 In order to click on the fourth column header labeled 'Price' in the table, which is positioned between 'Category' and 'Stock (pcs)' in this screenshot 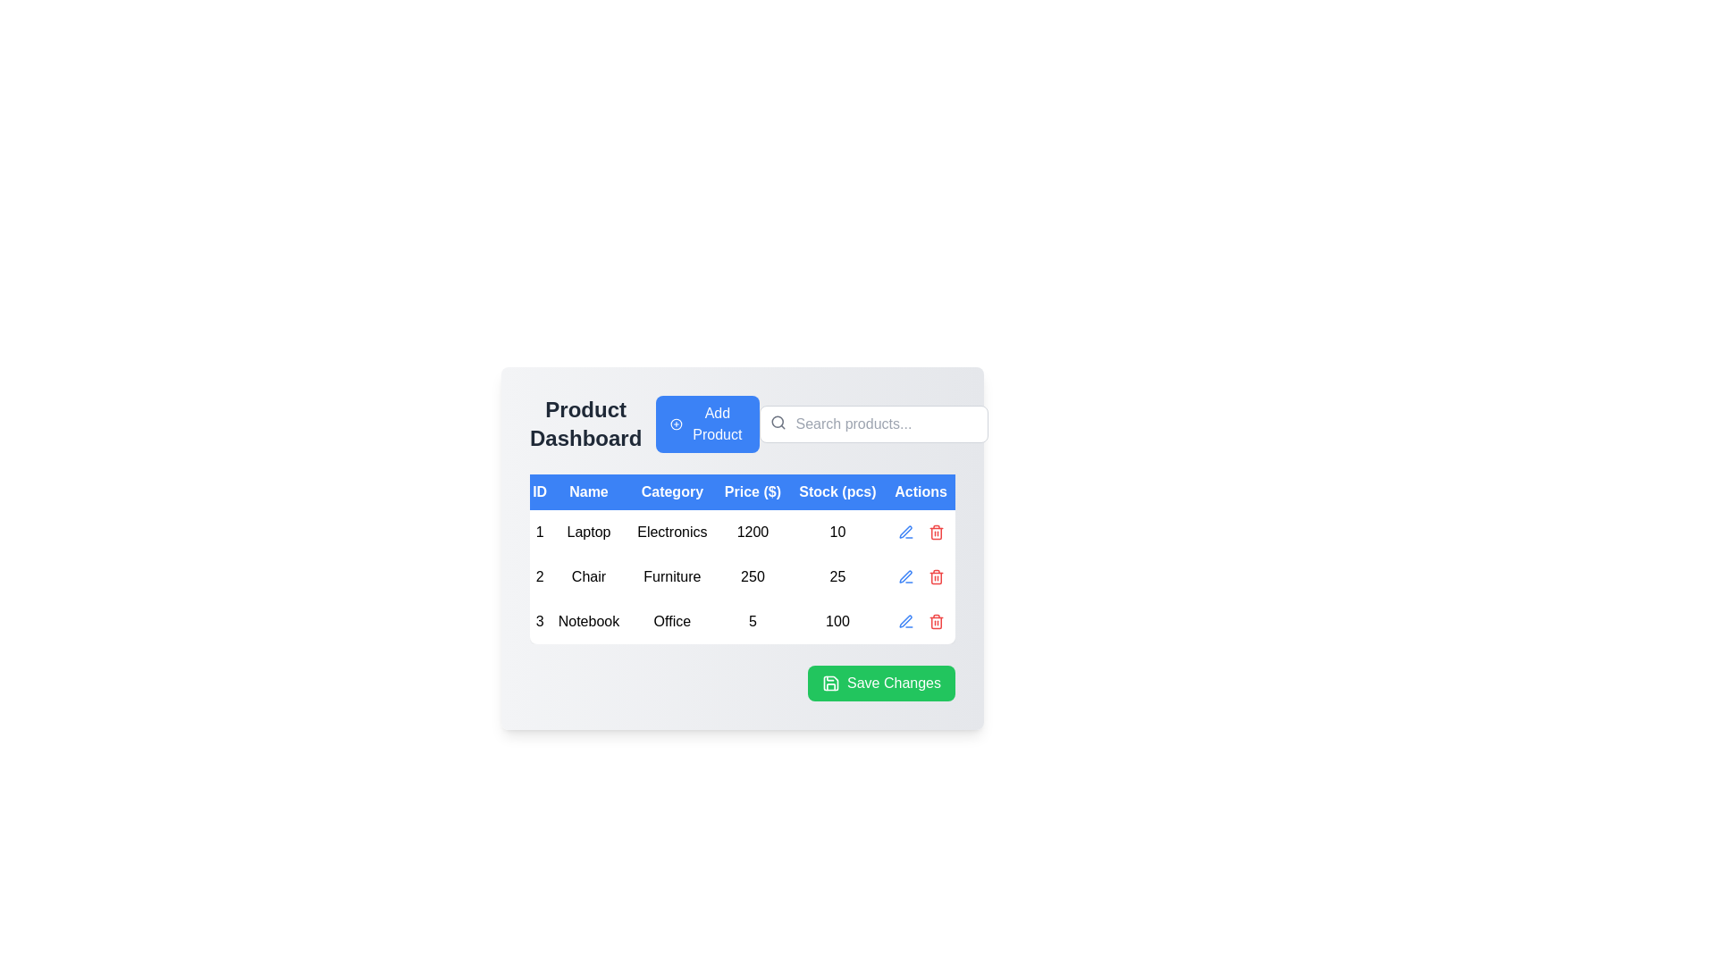, I will do `click(753, 492)`.